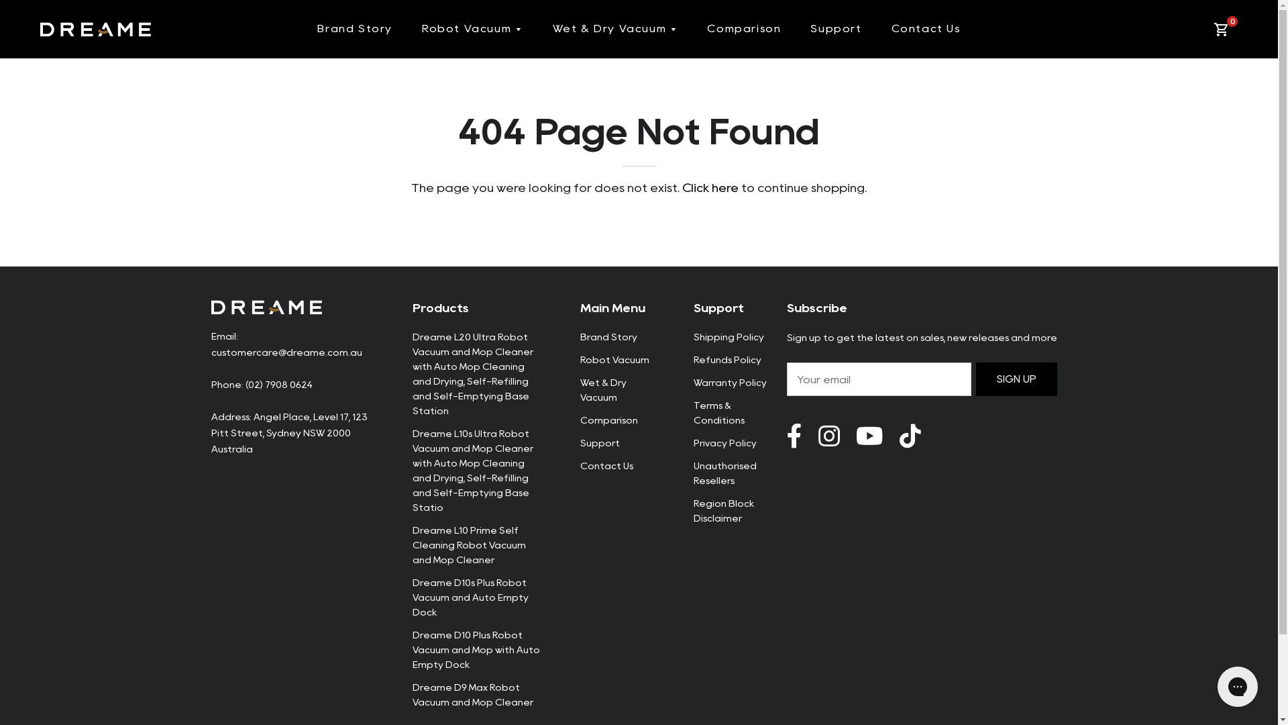  What do you see at coordinates (1236, 686) in the screenshot?
I see `'Gorgias live chat messenger'` at bounding box center [1236, 686].